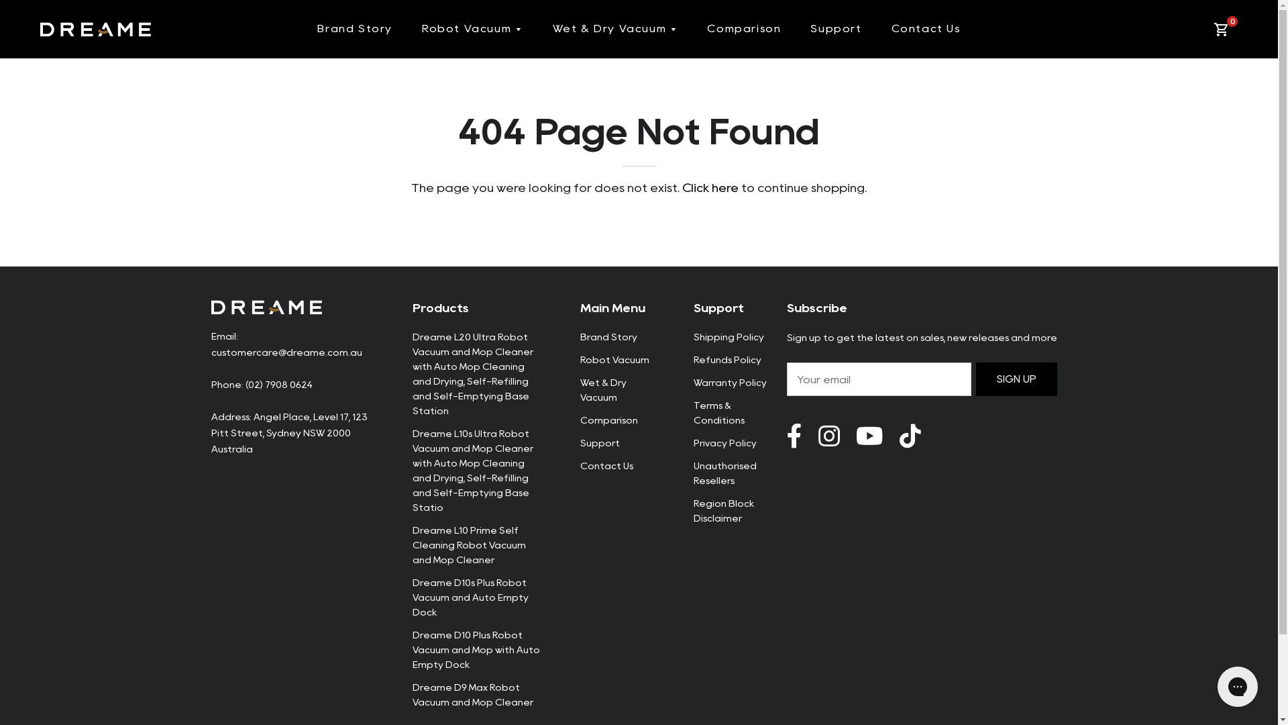  What do you see at coordinates (1236, 686) in the screenshot?
I see `'Gorgias live chat messenger'` at bounding box center [1236, 686].